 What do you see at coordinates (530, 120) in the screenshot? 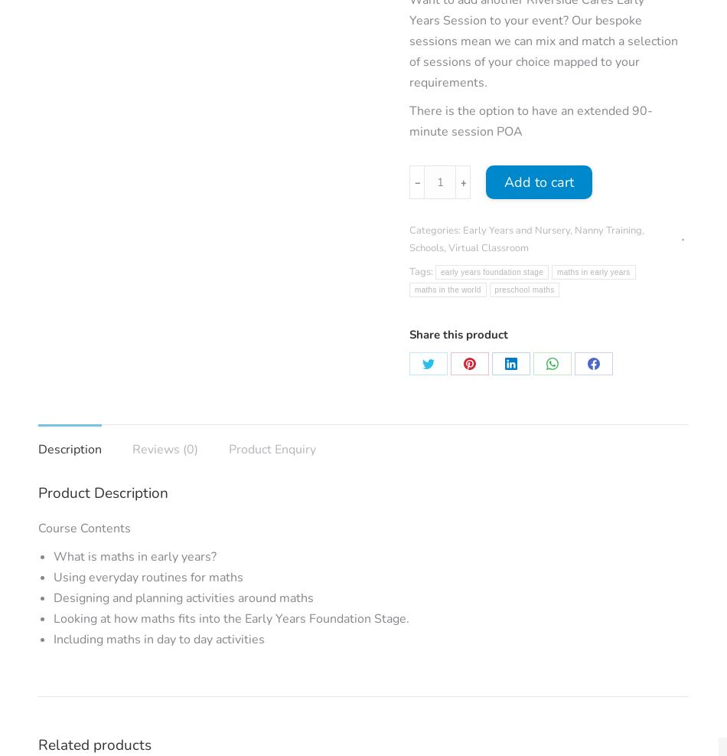
I see `'There is the option to have an extended 90-minute session POA'` at bounding box center [530, 120].